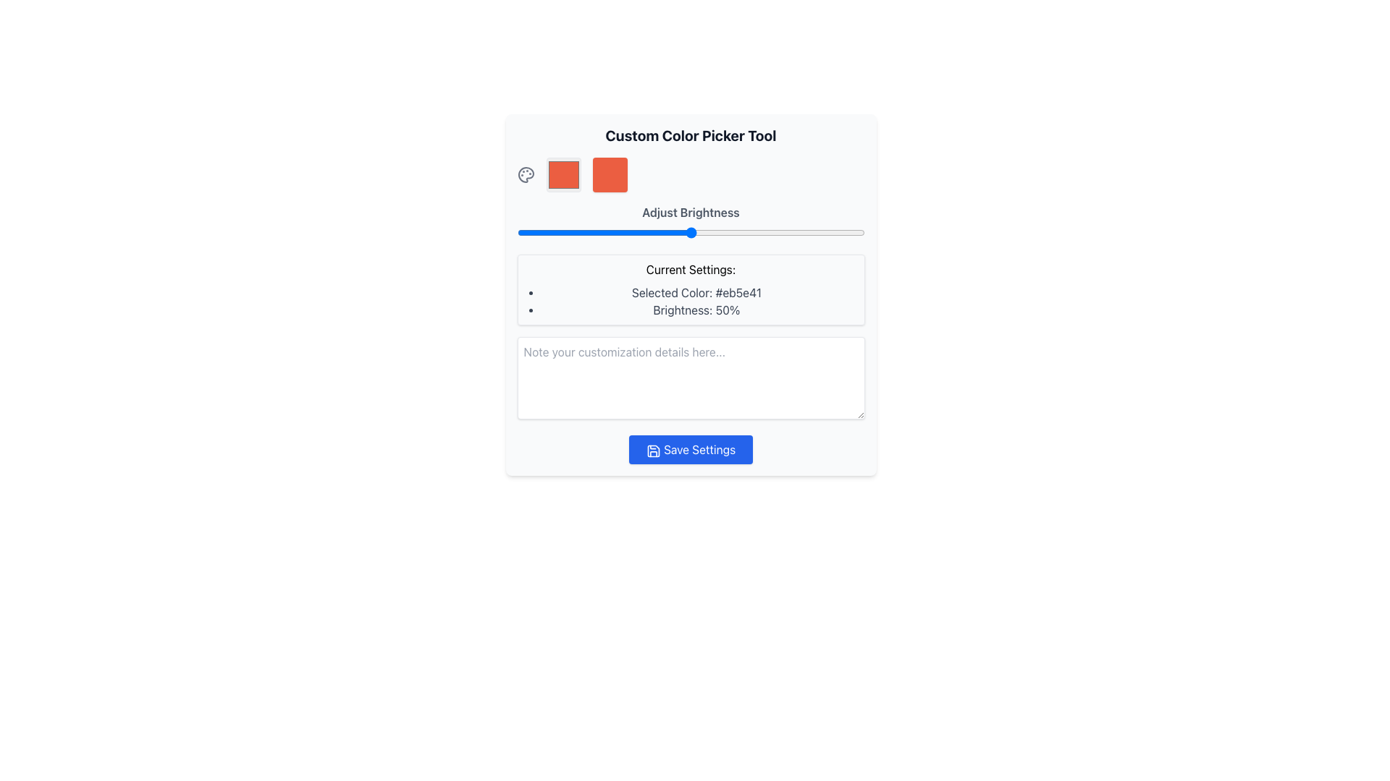 This screenshot has width=1390, height=781. What do you see at coordinates (696, 309) in the screenshot?
I see `the read-only text display that shows the current brightness setting percentage, located in the 'Current Settings' section, between 'Selected Color: #eb5e41' and the customization text input box` at bounding box center [696, 309].